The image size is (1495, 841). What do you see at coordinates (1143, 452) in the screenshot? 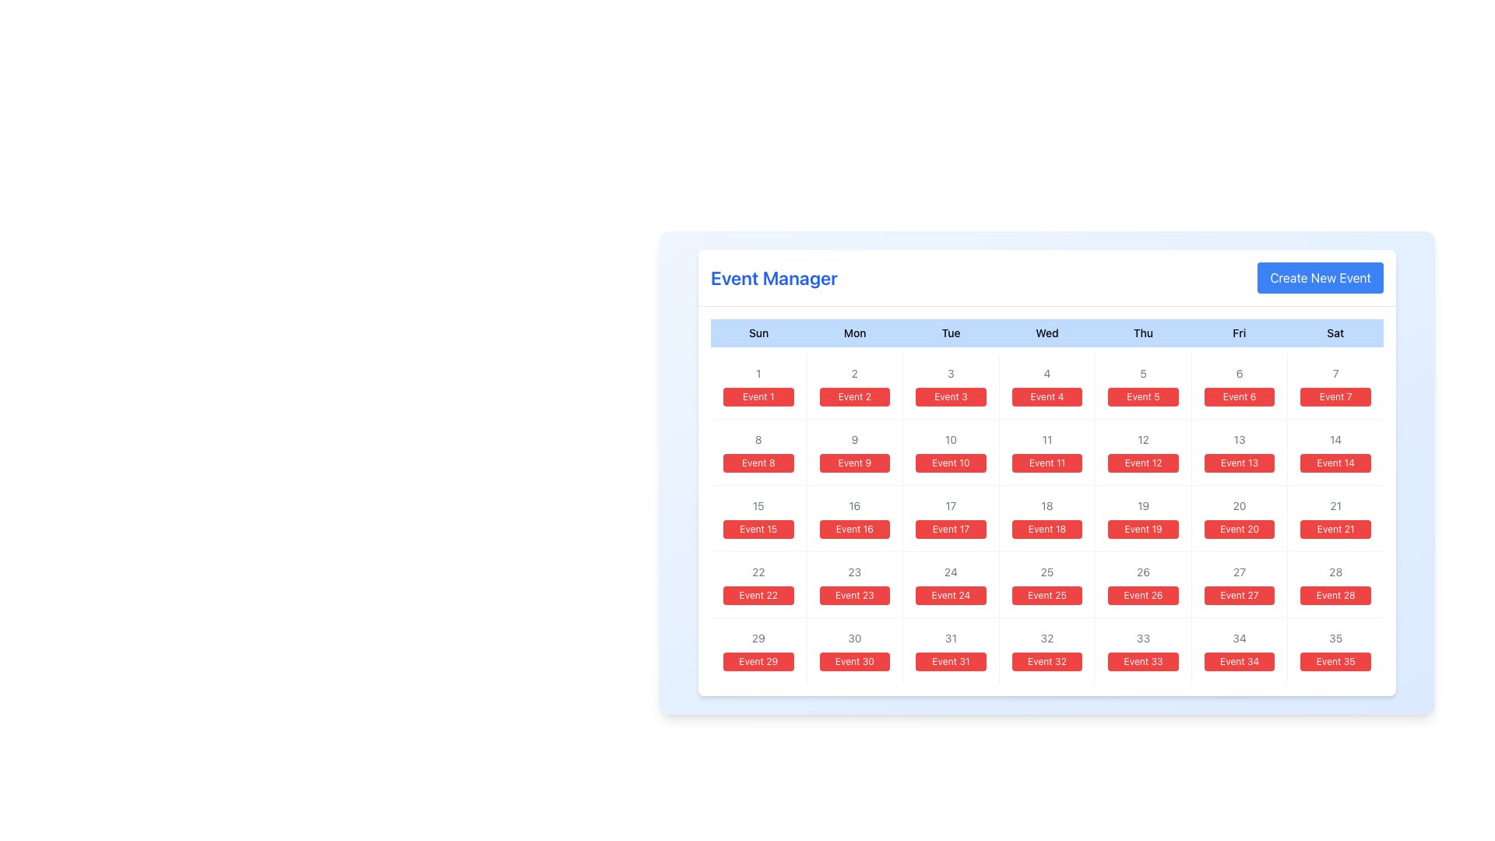
I see `the rectangular button labeled 'Event 12' with a red background, located` at bounding box center [1143, 452].